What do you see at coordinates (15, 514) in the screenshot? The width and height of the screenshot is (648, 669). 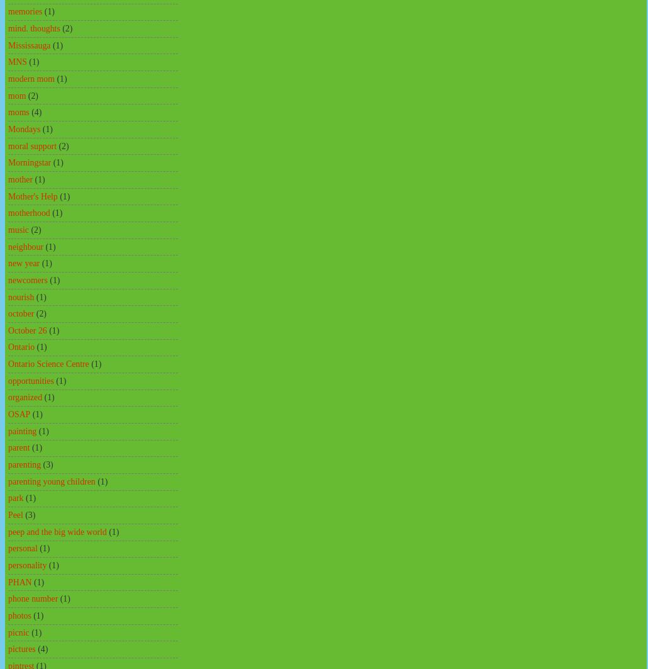 I see `'Peel'` at bounding box center [15, 514].